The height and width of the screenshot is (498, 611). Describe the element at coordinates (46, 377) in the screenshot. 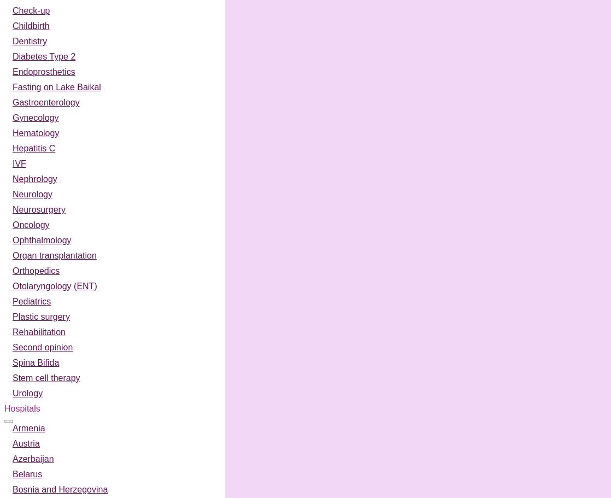

I see `'Stem cell therapy'` at that location.